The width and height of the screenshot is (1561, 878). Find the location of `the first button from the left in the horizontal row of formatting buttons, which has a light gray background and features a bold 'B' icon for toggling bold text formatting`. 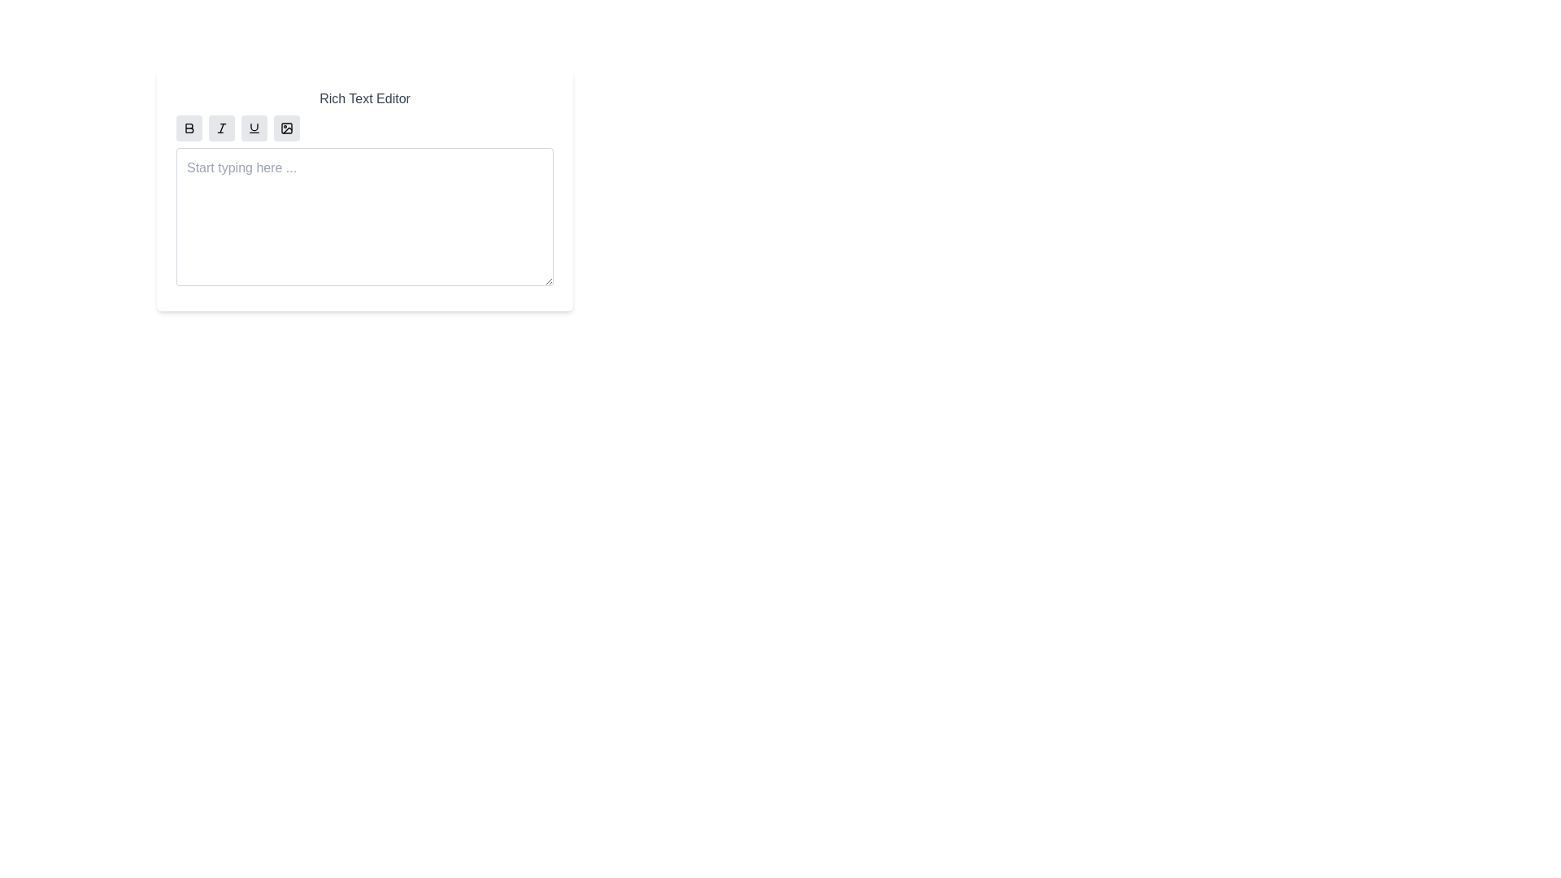

the first button from the left in the horizontal row of formatting buttons, which has a light gray background and features a bold 'B' icon for toggling bold text formatting is located at coordinates (189, 128).